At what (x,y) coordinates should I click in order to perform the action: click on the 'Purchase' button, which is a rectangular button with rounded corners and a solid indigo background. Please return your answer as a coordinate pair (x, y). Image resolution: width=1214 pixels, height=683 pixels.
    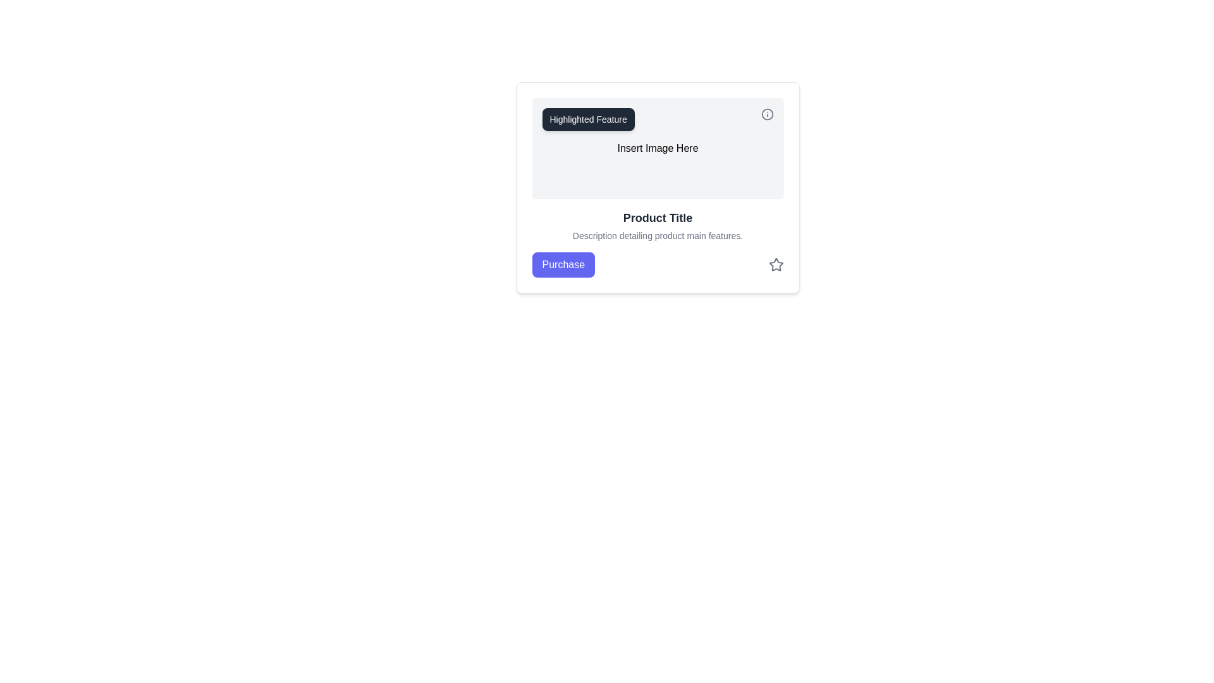
    Looking at the image, I should click on (563, 264).